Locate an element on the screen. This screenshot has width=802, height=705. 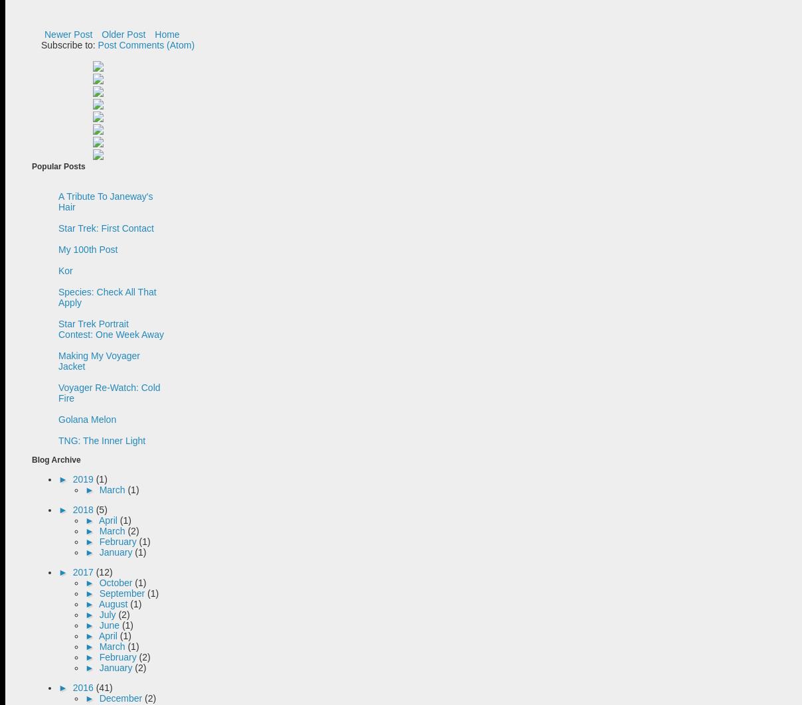
'Newer Post' is located at coordinates (68, 35).